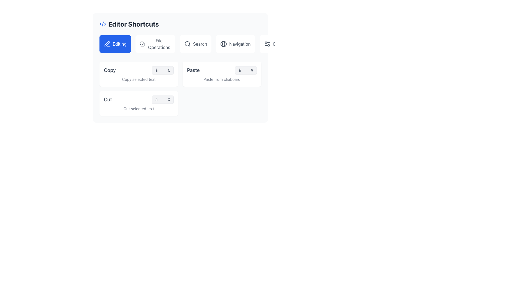  I want to click on the second button under the 'Editor Shortcuts' heading, so click(155, 43).